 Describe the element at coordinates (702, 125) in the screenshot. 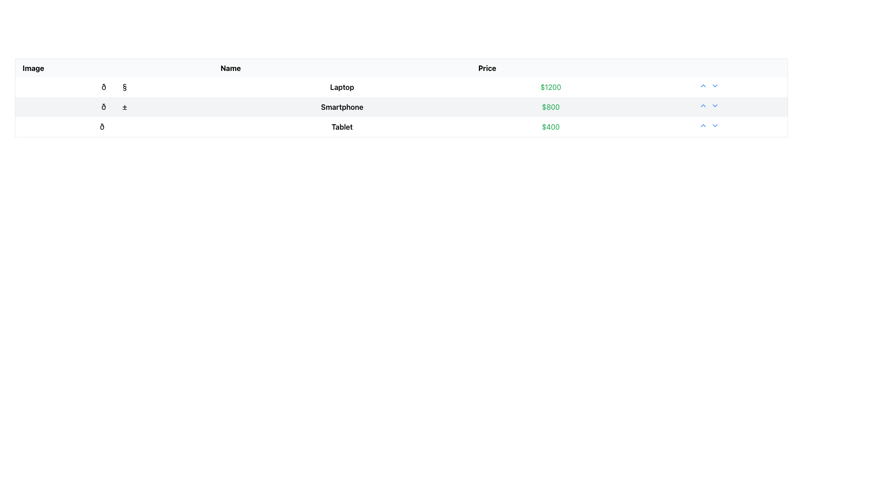

I see `the upward-pointing arrow icon in the 'Price' column of the table for the 'Tablet' item to enable keyboard navigation` at that location.